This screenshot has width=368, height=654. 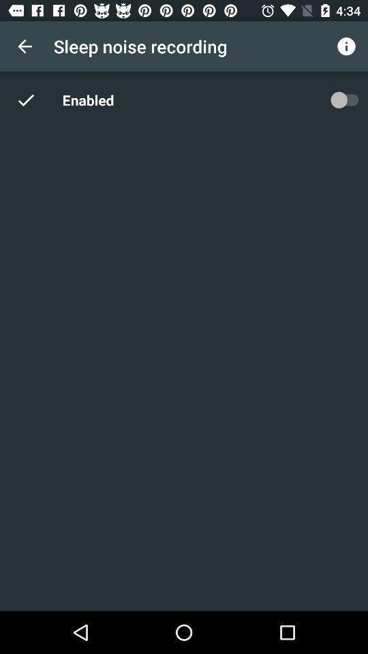 What do you see at coordinates (343, 99) in the screenshot?
I see `the item next to the enabled icon` at bounding box center [343, 99].